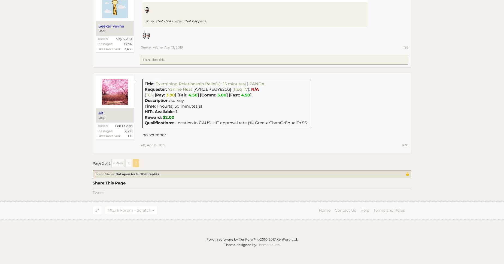 This screenshot has height=264, width=504. I want to click on 'Description:', so click(144, 100).